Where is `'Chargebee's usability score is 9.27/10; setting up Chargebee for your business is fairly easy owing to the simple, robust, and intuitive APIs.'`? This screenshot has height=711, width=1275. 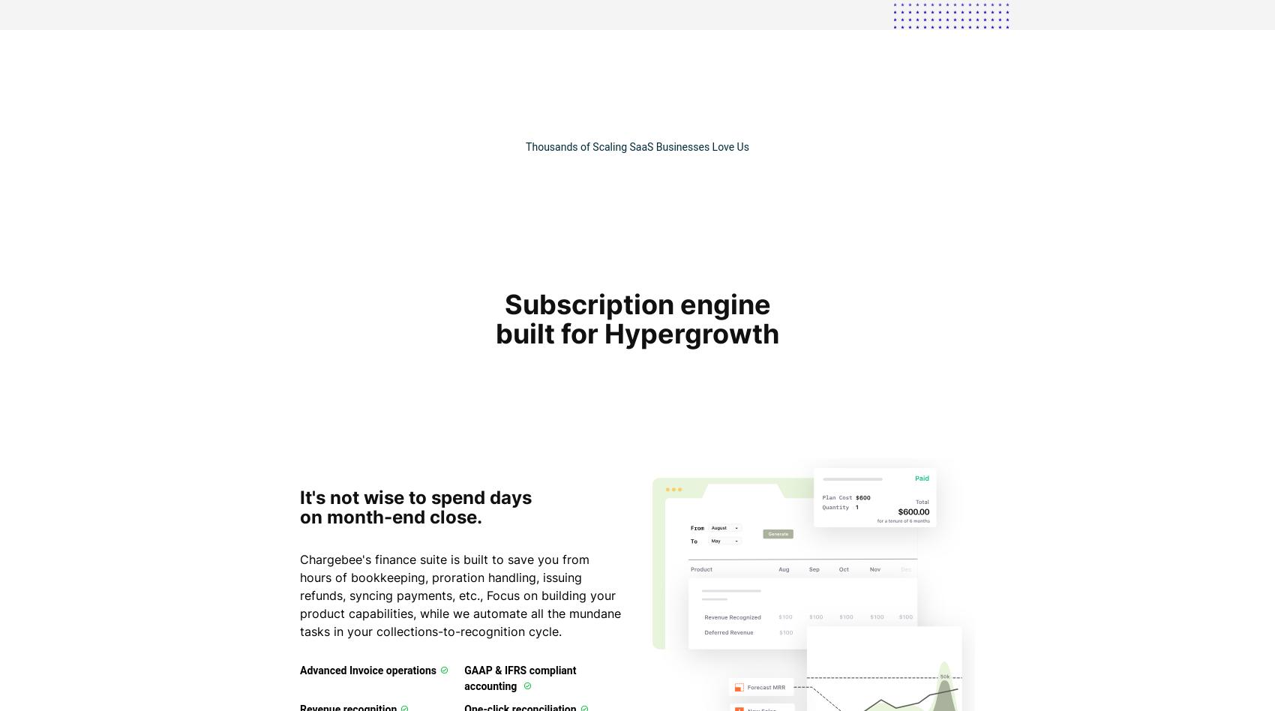
'Chargebee's usability score is 9.27/10; setting up Chargebee for your business is fairly easy owing to the simple, robust, and intuitive APIs.' is located at coordinates (258, 658).